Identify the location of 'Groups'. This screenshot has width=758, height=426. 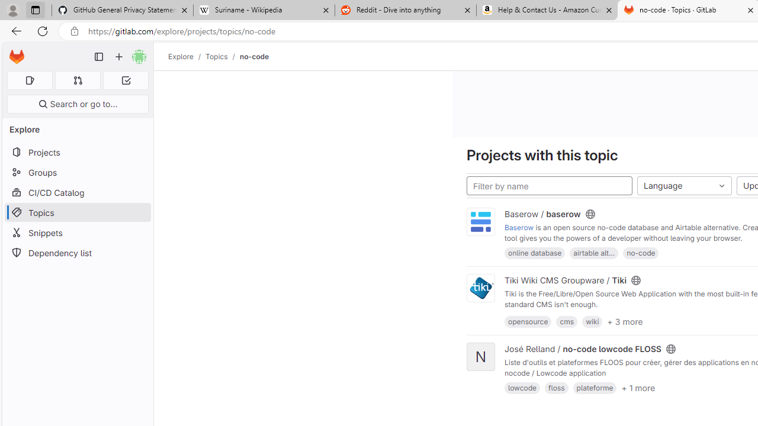
(77, 172).